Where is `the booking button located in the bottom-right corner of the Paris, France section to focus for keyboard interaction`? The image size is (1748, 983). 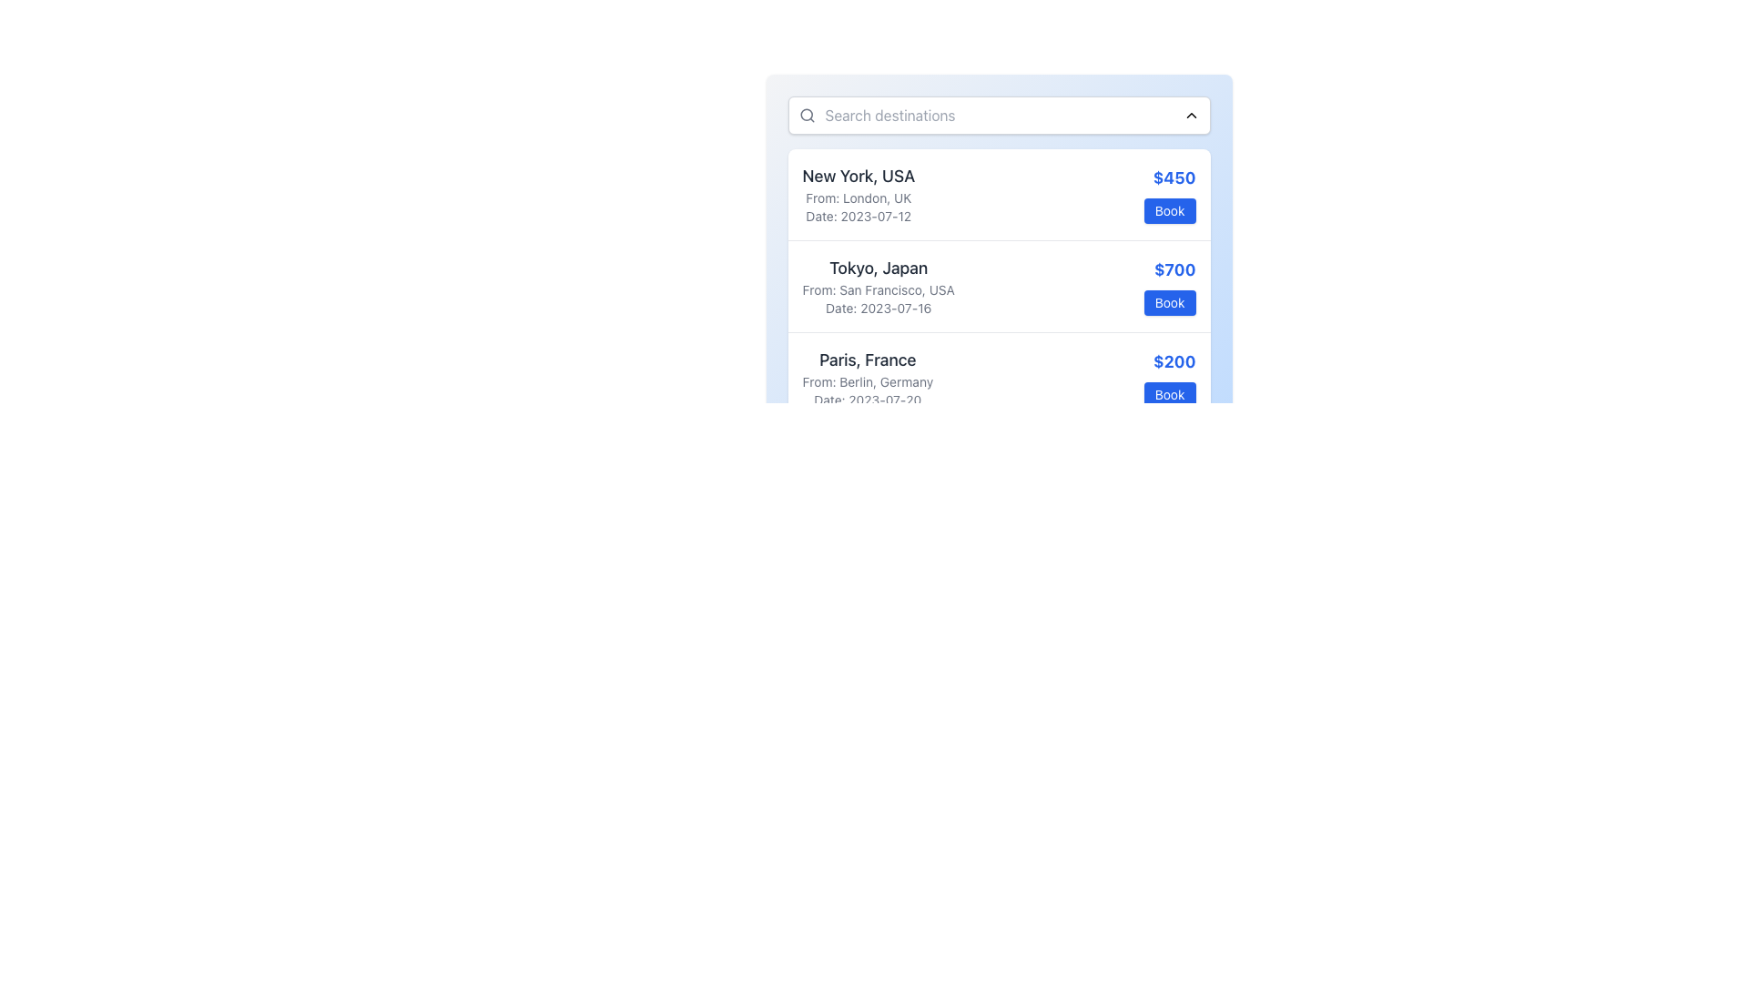
the booking button located in the bottom-right corner of the Paris, France section to focus for keyboard interaction is located at coordinates (1170, 394).